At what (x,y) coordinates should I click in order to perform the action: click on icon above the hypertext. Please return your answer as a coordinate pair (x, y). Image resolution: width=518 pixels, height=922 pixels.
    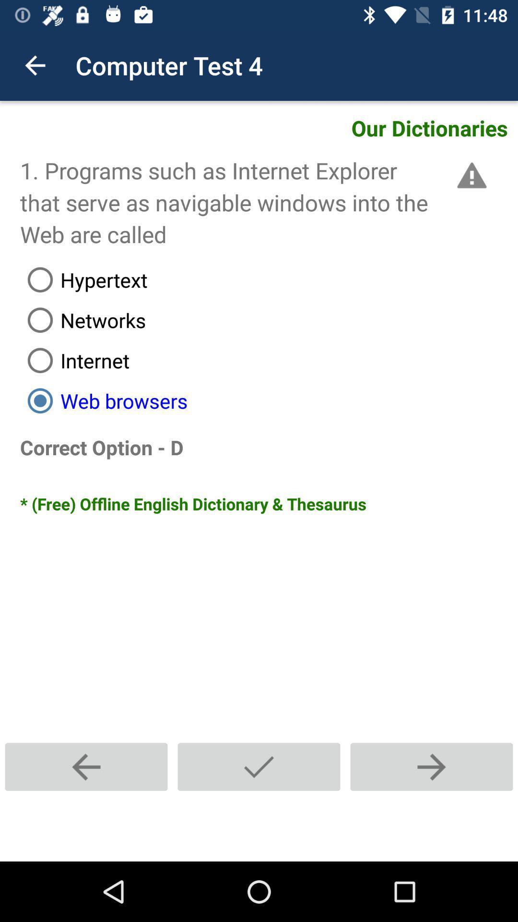
    Looking at the image, I should click on (470, 175).